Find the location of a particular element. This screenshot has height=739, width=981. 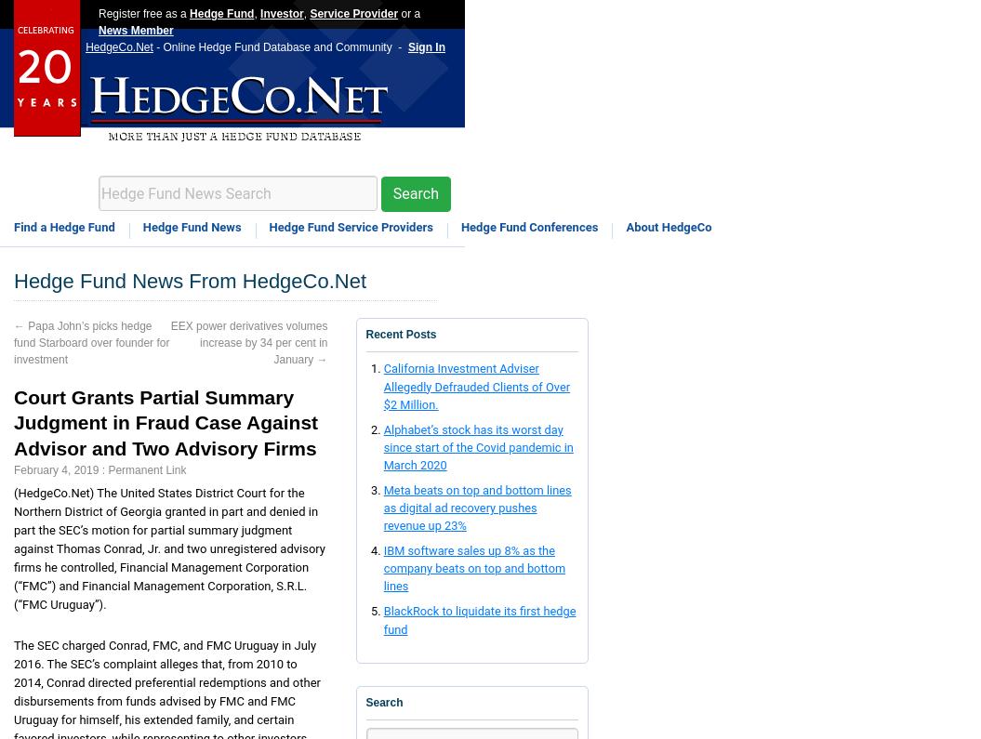

'February 4, 2019' is located at coordinates (55, 468).